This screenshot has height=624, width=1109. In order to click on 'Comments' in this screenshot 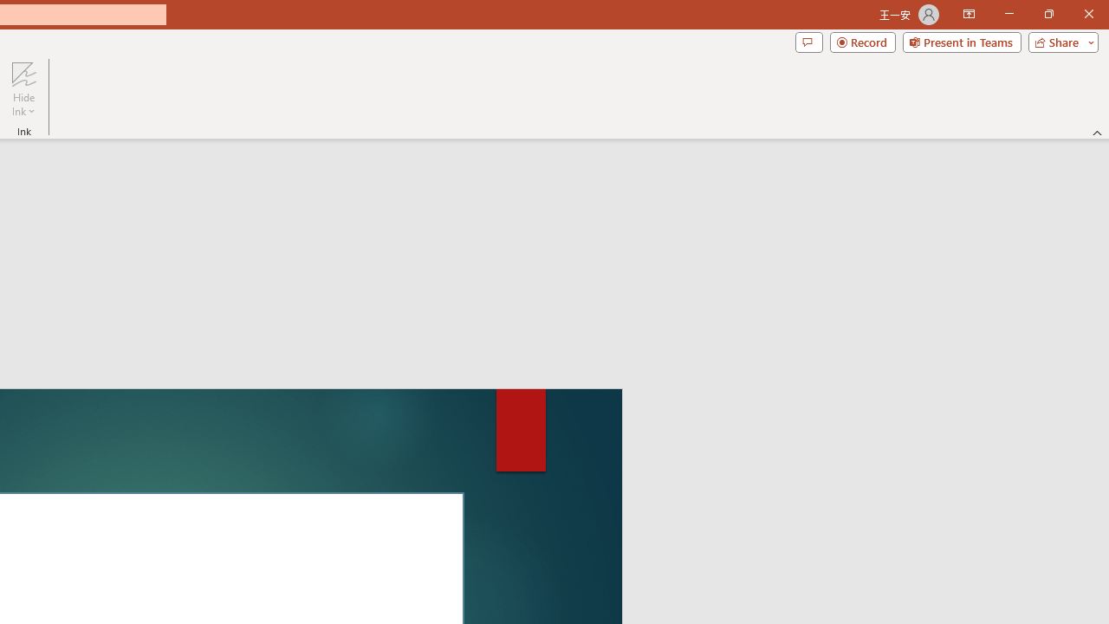, I will do `click(807, 41)`.